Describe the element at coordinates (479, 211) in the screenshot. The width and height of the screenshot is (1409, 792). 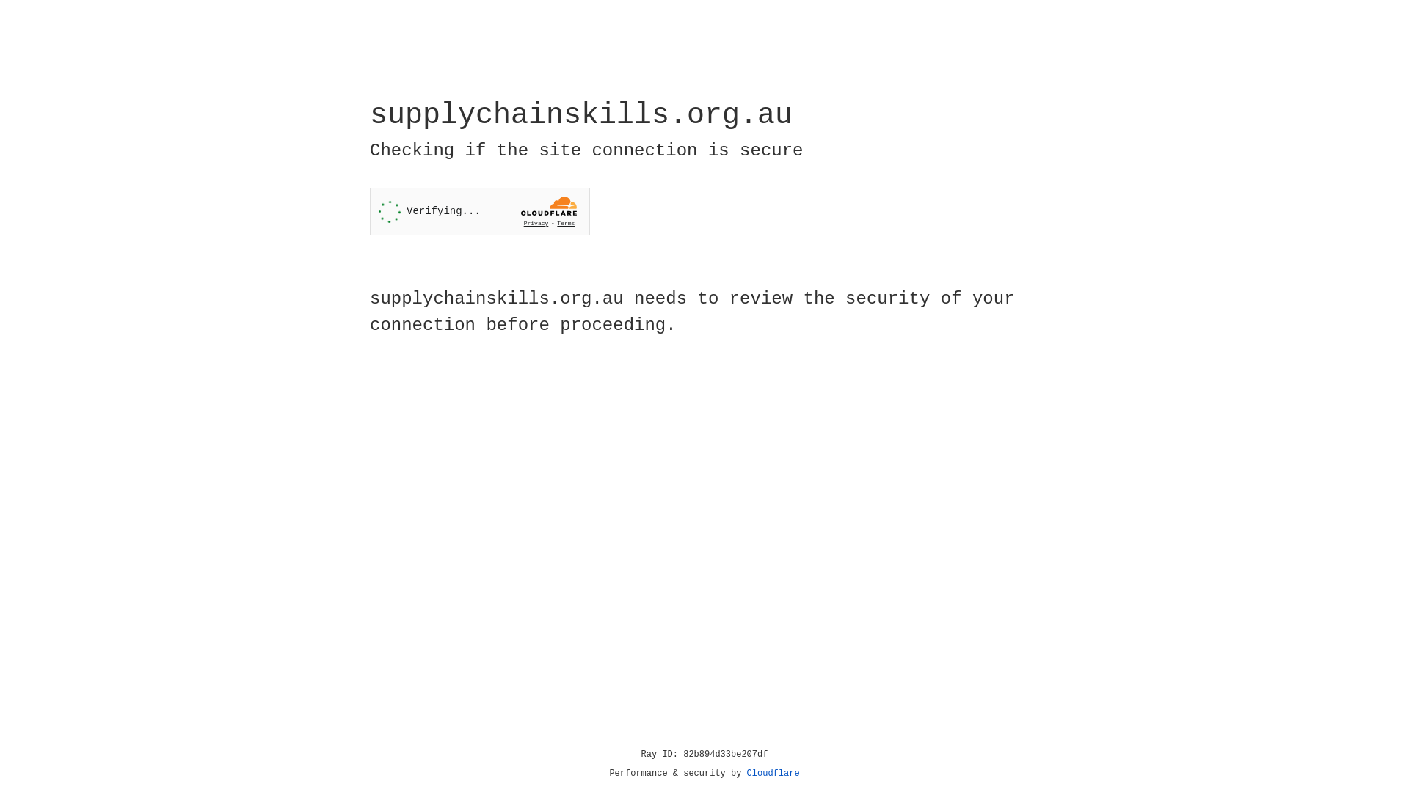
I see `'Widget containing a Cloudflare security challenge'` at that location.